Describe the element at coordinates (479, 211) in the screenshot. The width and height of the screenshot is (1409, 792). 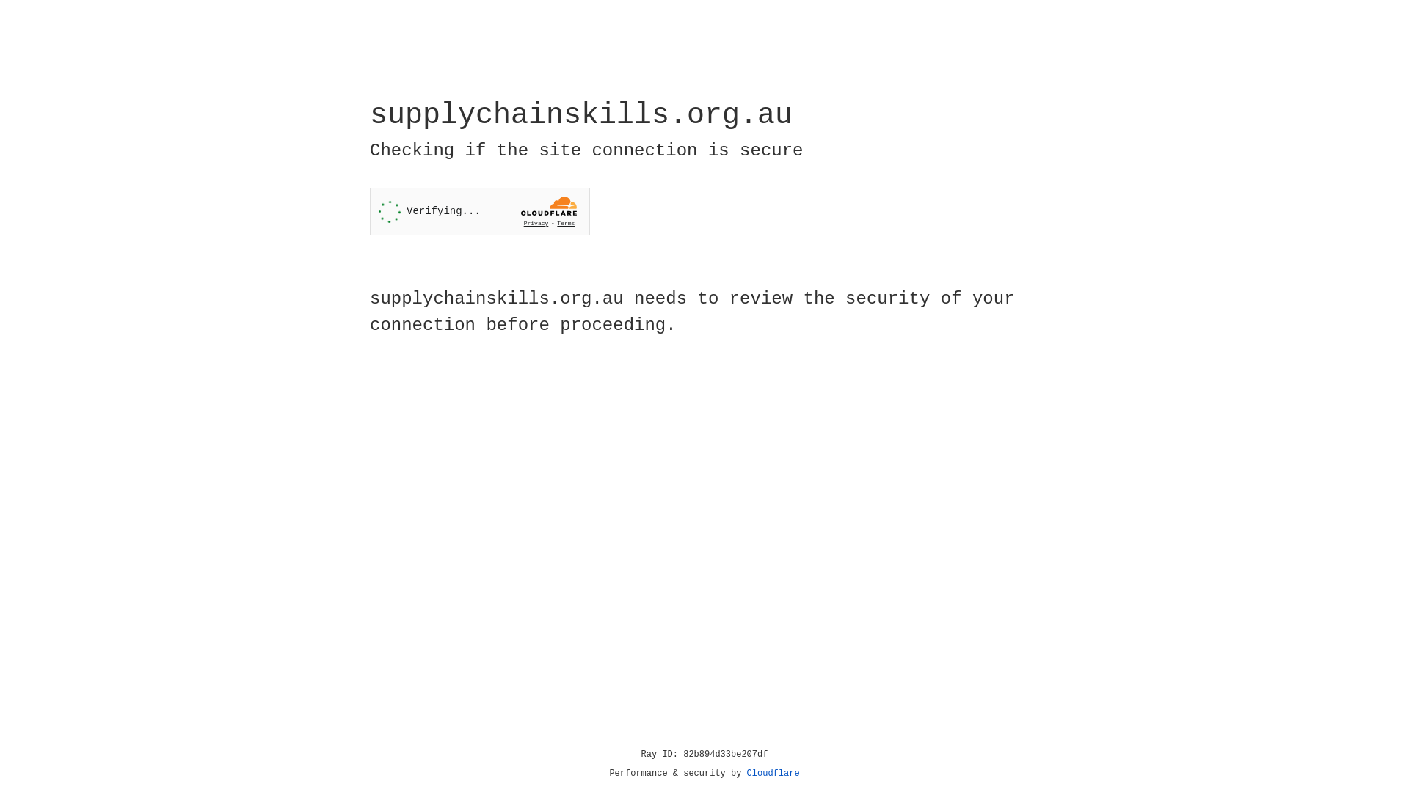
I see `'Widget containing a Cloudflare security challenge'` at that location.